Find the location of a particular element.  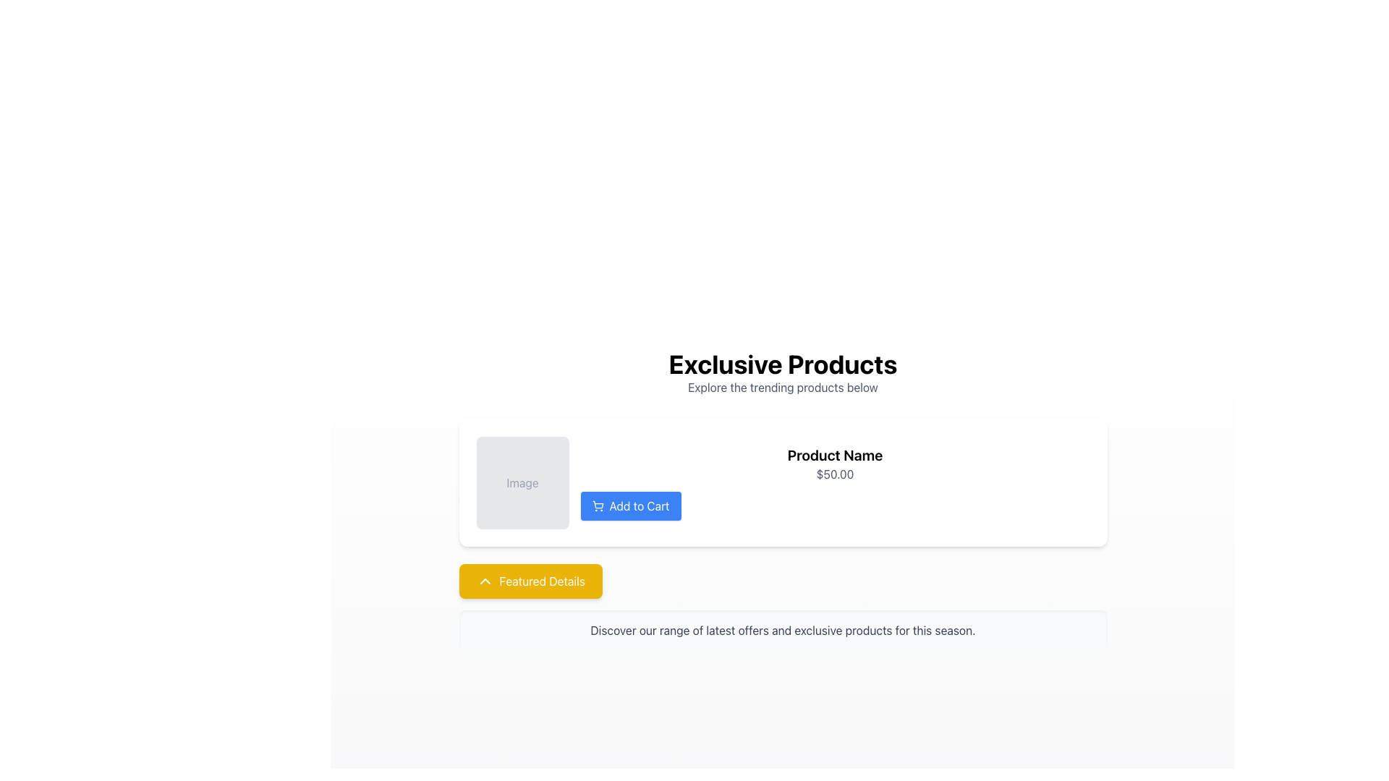

the informational text box that provides context about offers and exclusive products, located beneath the yellow button labeled 'Featured Details' is located at coordinates (782, 629).